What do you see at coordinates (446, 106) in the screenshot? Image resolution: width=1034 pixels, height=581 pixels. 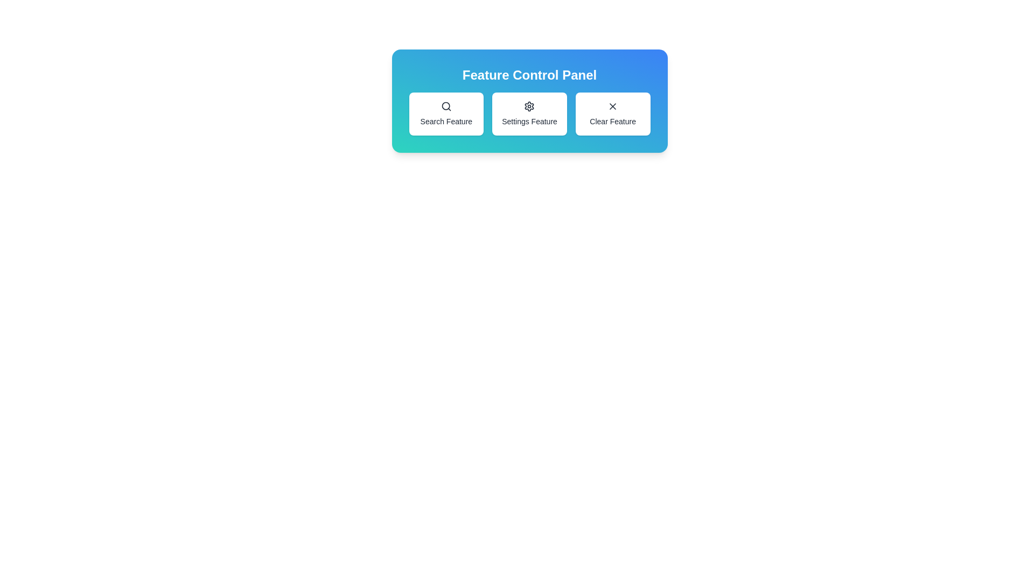 I see `the magnifying glass SVG icon located within the blue card interface labeled 'Feature Control Panel' for keyboard interaction` at bounding box center [446, 106].